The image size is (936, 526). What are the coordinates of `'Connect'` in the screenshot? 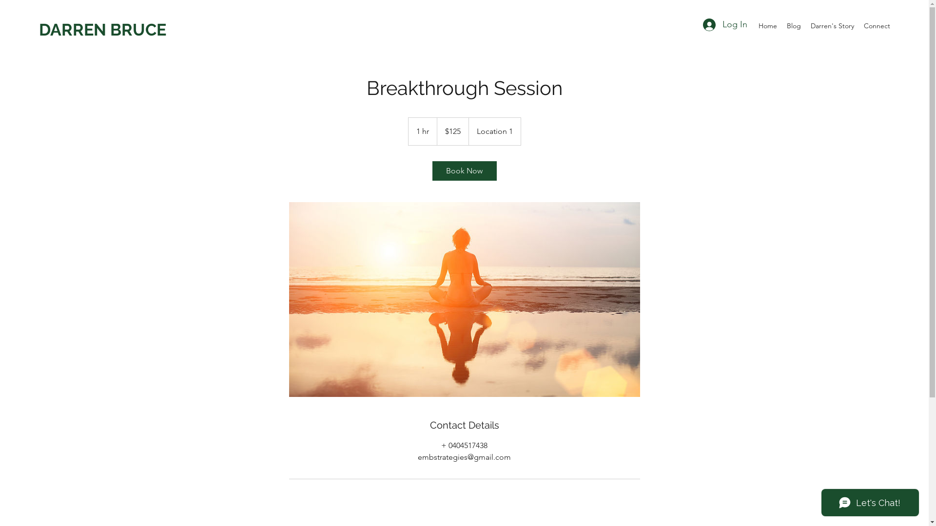 It's located at (877, 25).